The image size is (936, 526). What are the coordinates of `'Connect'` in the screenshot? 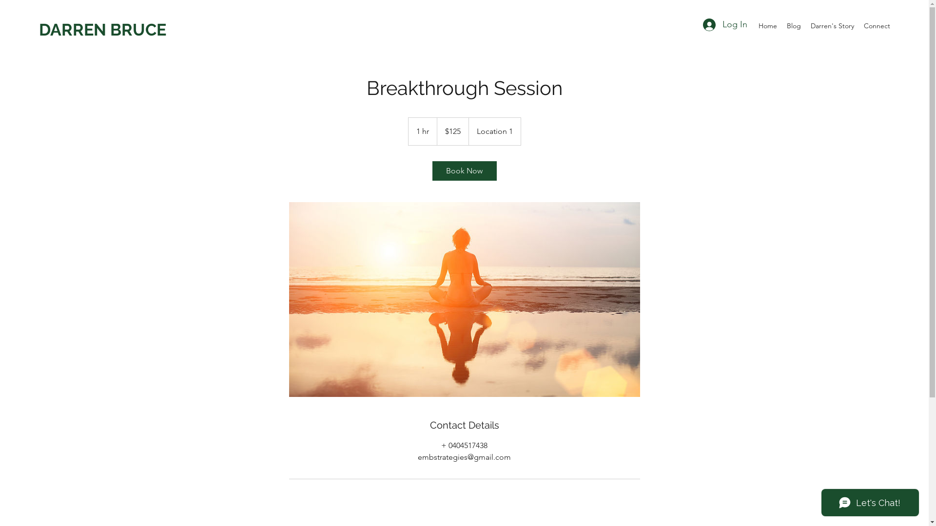 It's located at (877, 25).